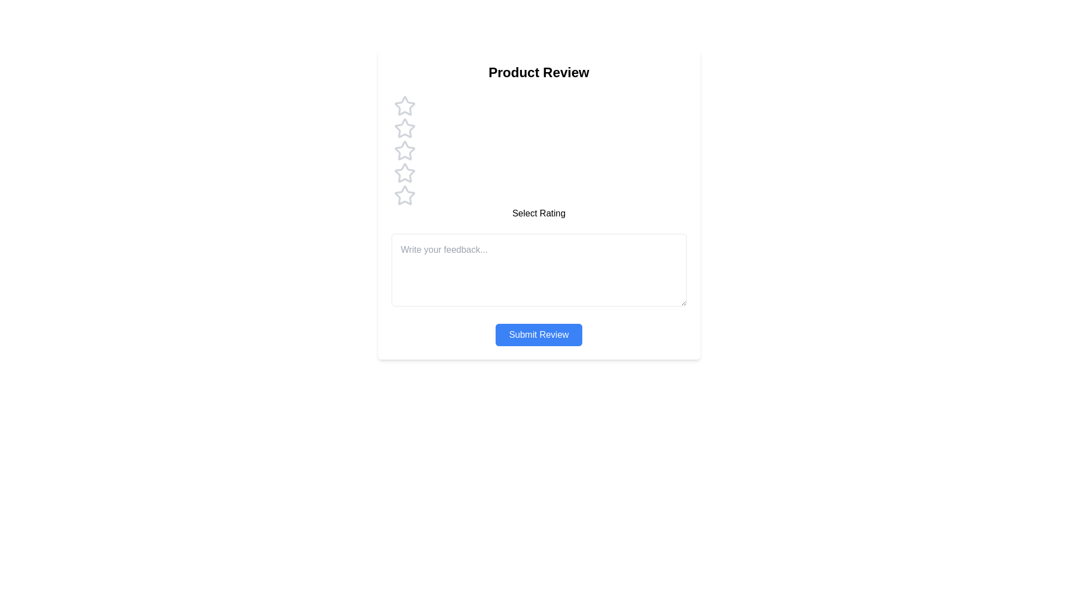 Image resolution: width=1074 pixels, height=604 pixels. What do you see at coordinates (404, 150) in the screenshot?
I see `the third star in the vertical stack of five stars in the 'Product Review' section to rate it` at bounding box center [404, 150].